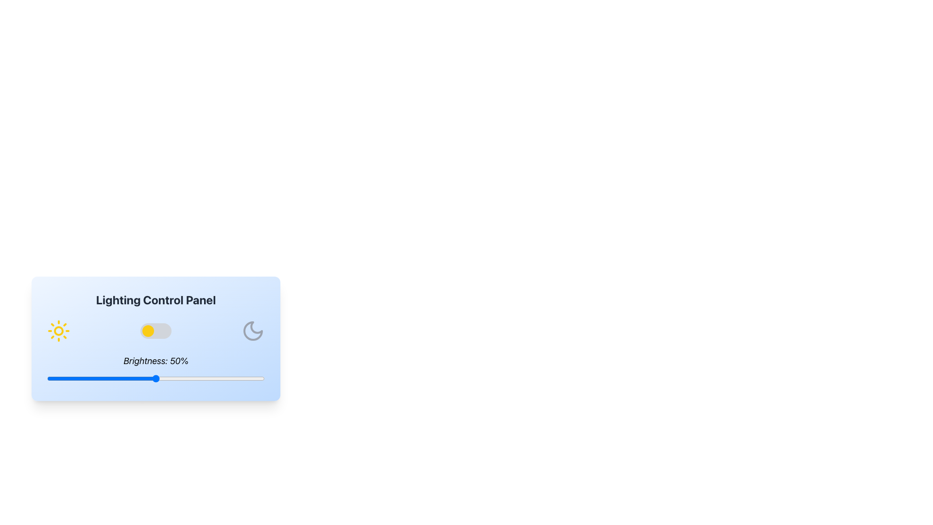  What do you see at coordinates (253, 331) in the screenshot?
I see `the moon or nighttime mode indicator icon located on the right side of the 'Lighting Control Panel', which is adjacent to a toggle switch` at bounding box center [253, 331].